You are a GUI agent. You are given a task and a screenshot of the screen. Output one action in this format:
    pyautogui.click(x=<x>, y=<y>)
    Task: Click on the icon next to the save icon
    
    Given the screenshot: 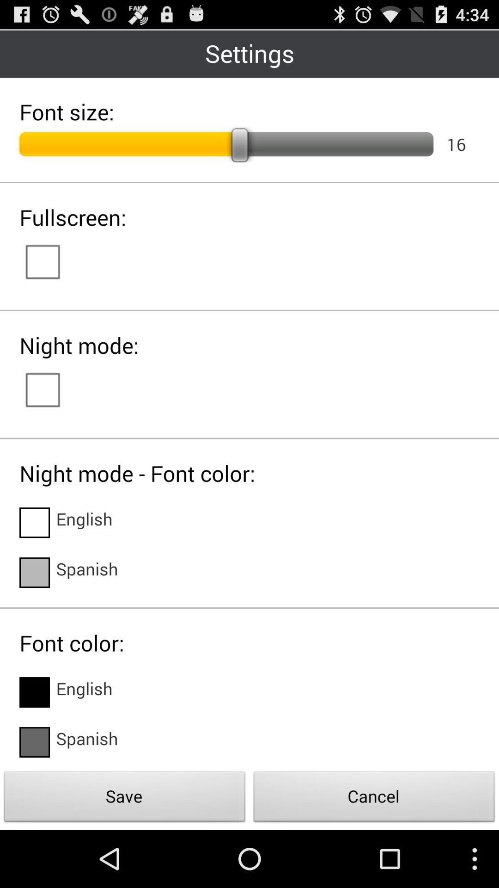 What is the action you would take?
    pyautogui.click(x=374, y=799)
    